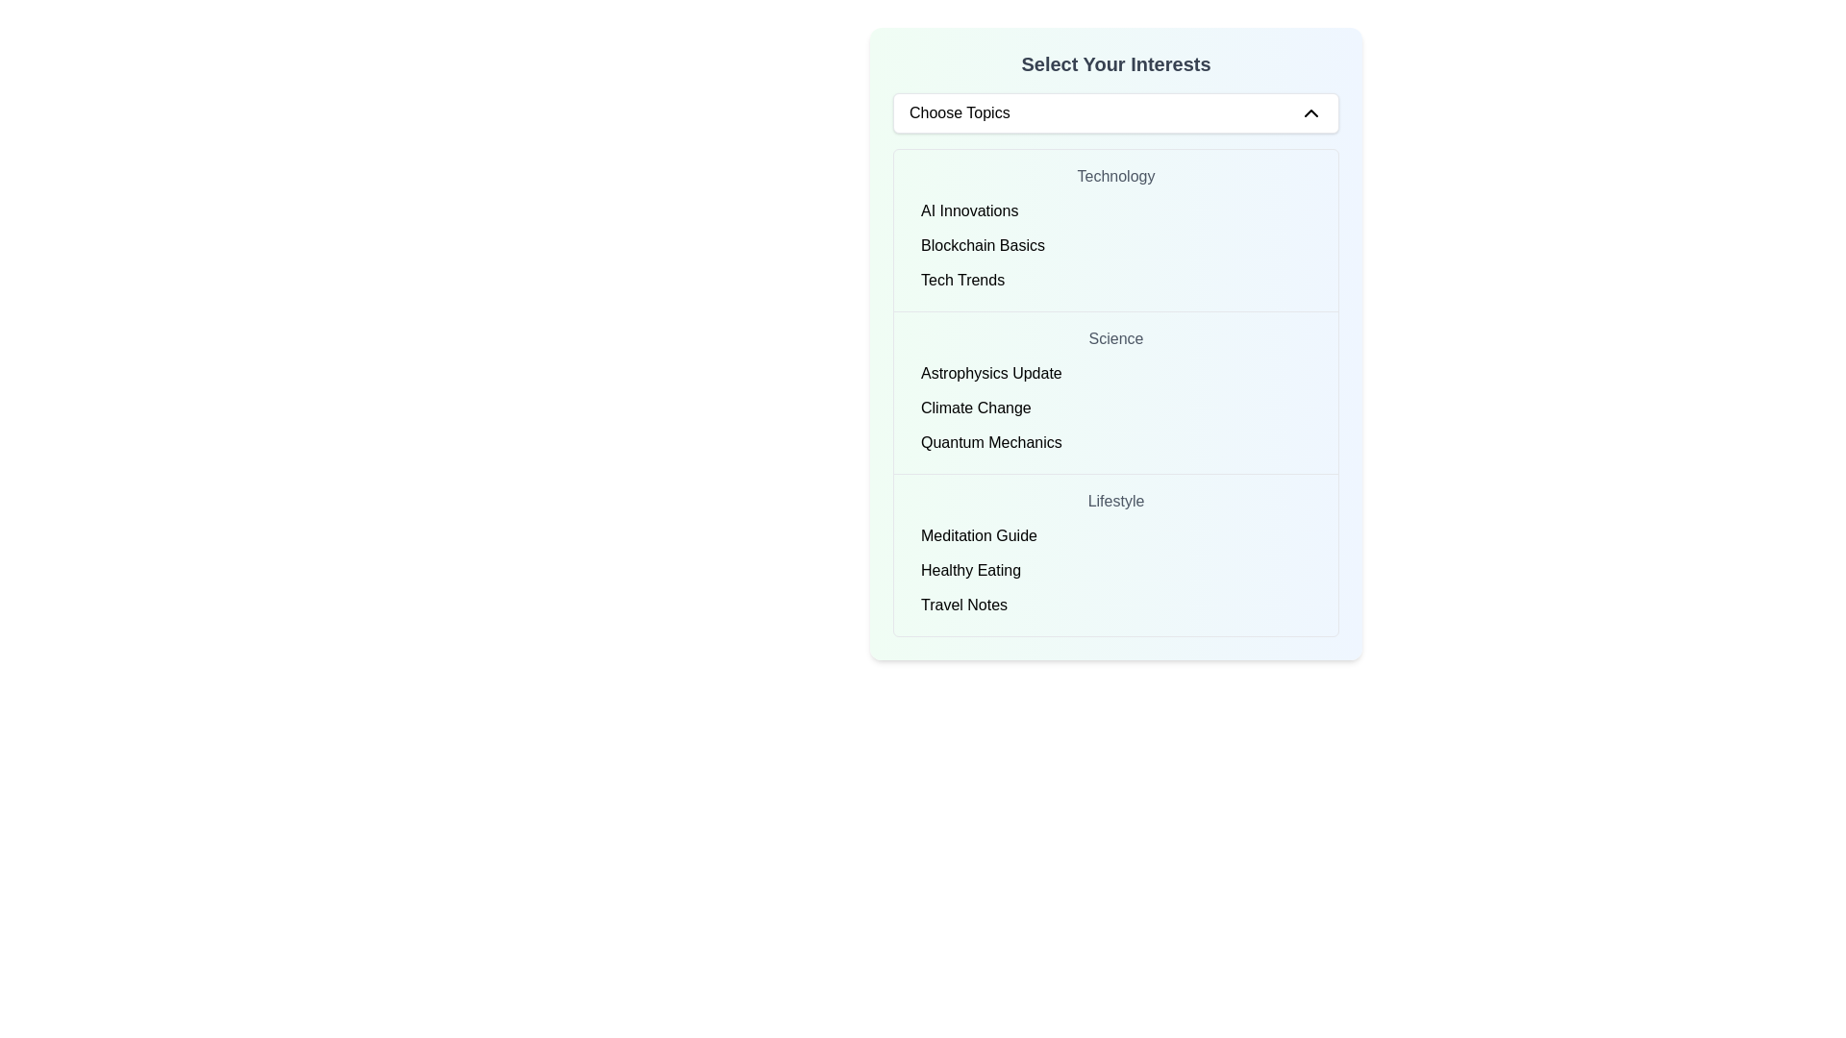 The height and width of the screenshot is (1038, 1846). Describe the element at coordinates (1116, 244) in the screenshot. I see `the 'Blockchain Basics' option in the 'Technology' section of the 'Select Your Interests' menu` at that location.